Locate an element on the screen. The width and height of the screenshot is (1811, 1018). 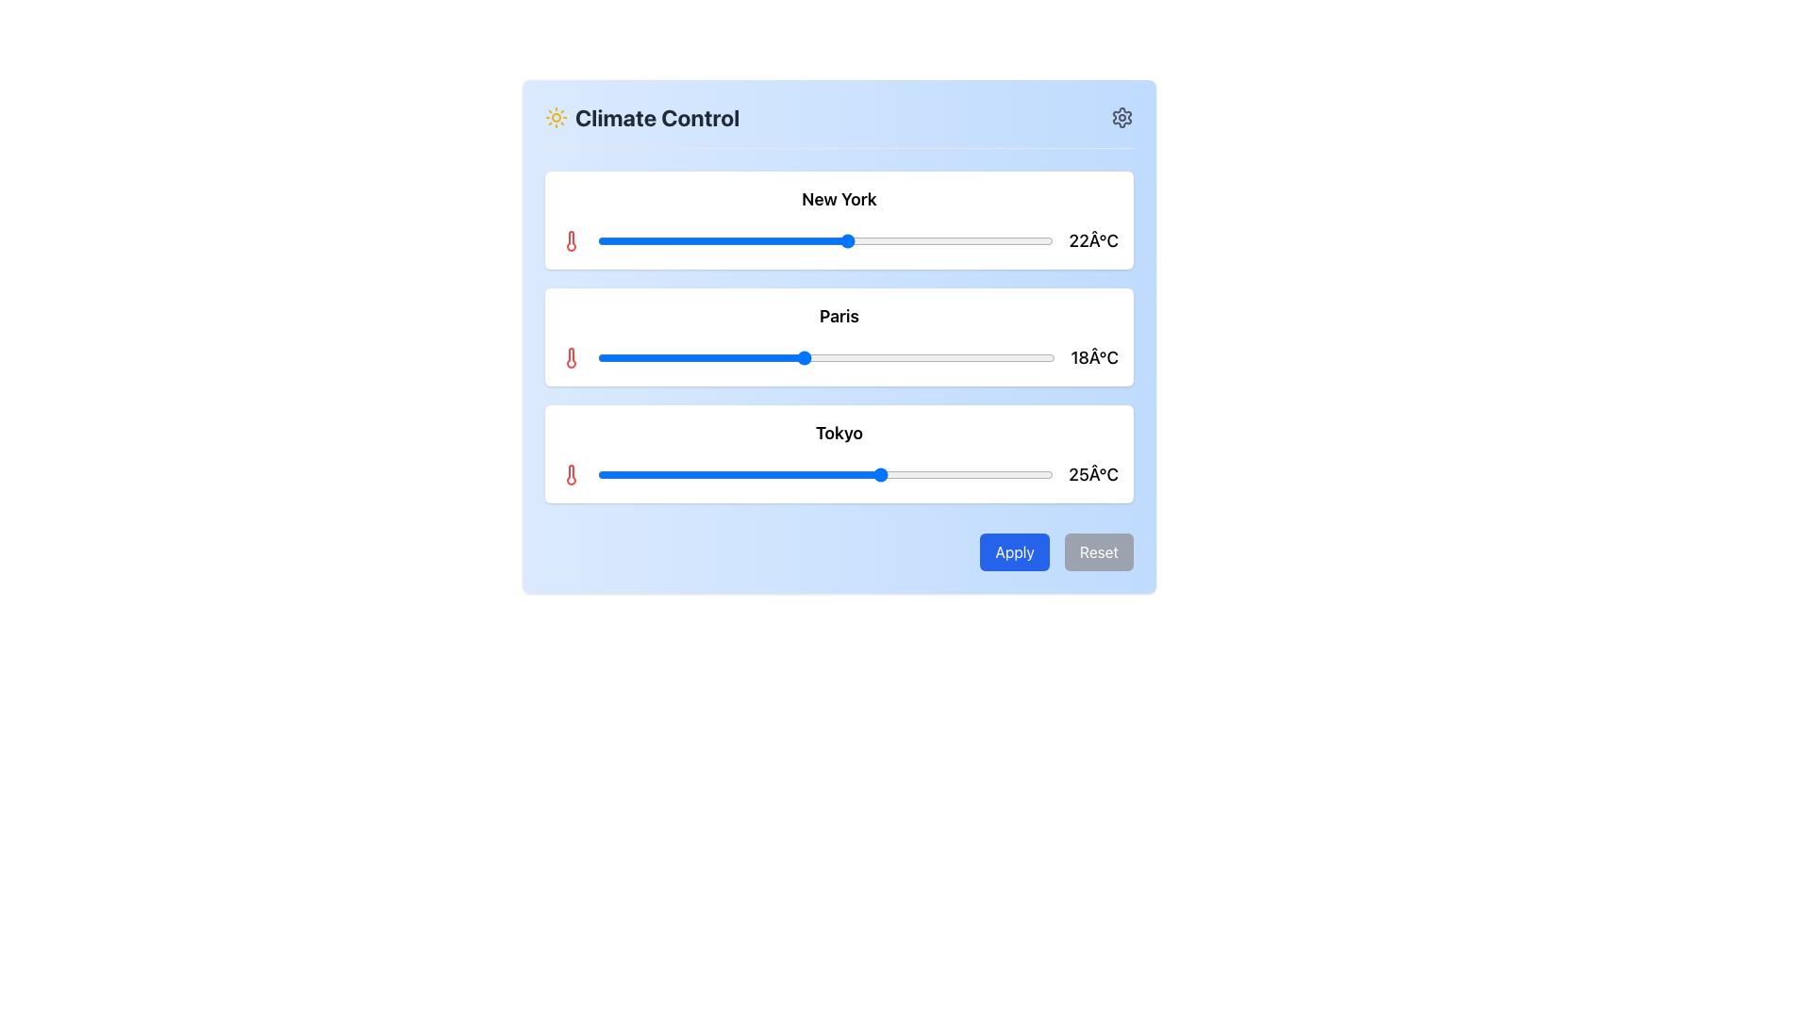
the temperature for Paris is located at coordinates (711, 358).